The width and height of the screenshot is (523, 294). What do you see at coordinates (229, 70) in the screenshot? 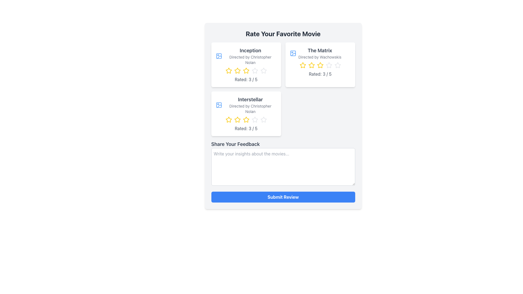
I see `on the second yellow star icon in the rating bar beneath the 'Inception' text` at bounding box center [229, 70].